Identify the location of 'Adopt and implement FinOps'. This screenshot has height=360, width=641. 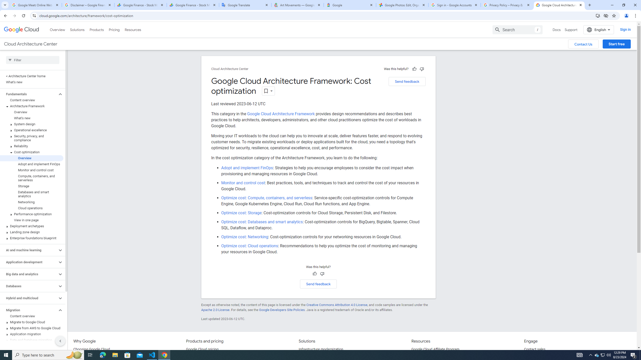
(247, 167).